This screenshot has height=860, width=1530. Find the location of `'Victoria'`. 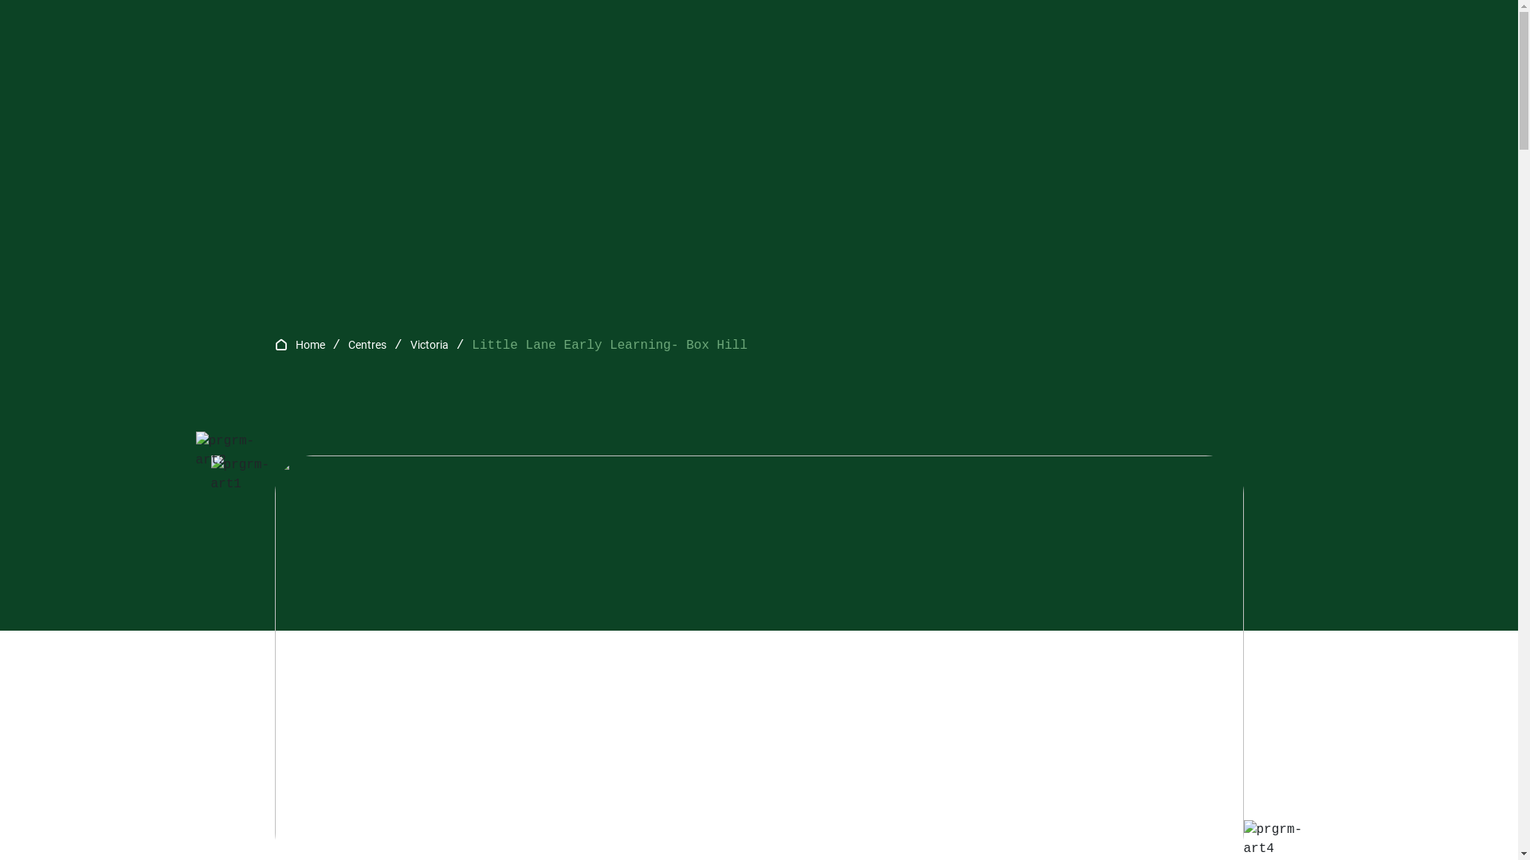

'Victoria' is located at coordinates (429, 343).